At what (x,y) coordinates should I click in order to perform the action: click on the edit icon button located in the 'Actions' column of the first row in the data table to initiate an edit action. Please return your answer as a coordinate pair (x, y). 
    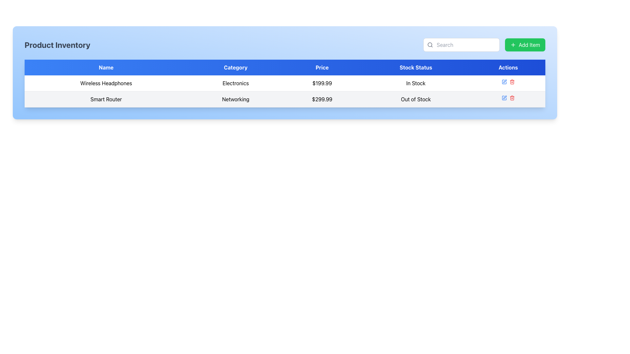
    Looking at the image, I should click on (504, 82).